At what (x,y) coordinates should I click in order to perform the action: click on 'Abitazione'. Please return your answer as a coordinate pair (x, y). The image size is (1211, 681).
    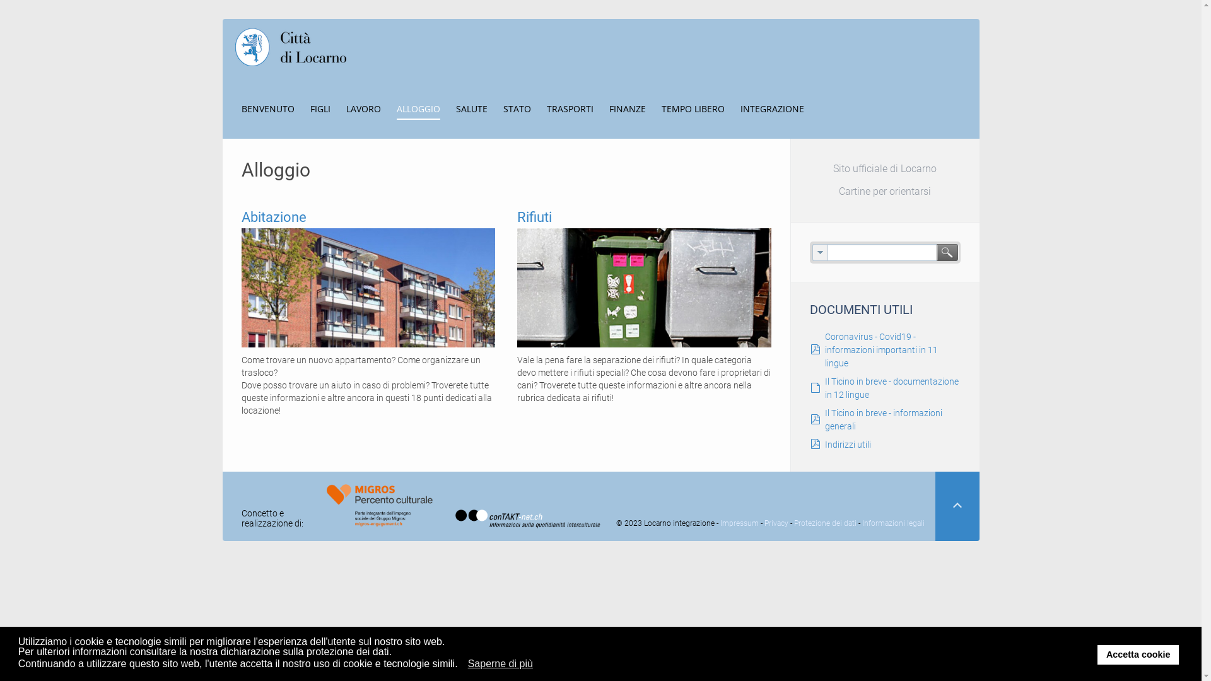
    Looking at the image, I should click on (241, 216).